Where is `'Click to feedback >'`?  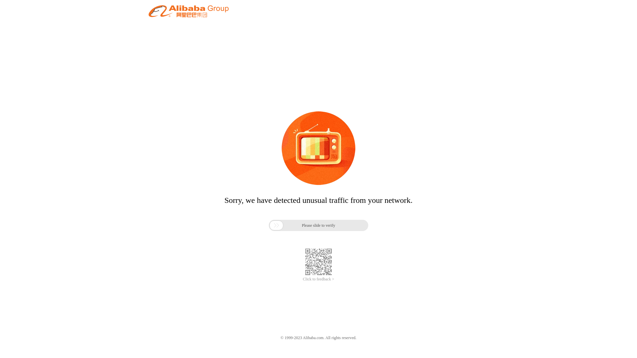
'Click to feedback >' is located at coordinates (318, 279).